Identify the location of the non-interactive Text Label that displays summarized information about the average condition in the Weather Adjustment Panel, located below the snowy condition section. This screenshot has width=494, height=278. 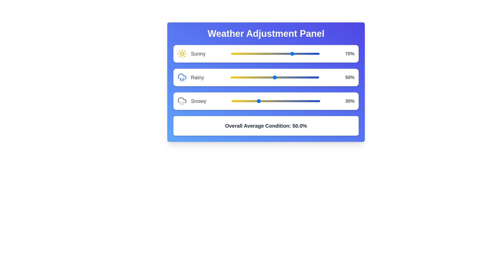
(266, 126).